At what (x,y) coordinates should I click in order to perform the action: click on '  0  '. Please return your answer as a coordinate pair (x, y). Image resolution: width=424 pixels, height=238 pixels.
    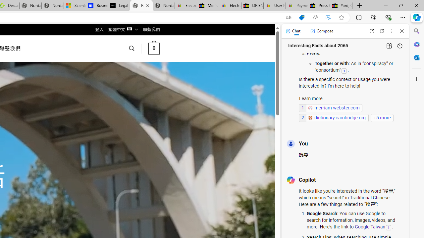
    Looking at the image, I should click on (153, 48).